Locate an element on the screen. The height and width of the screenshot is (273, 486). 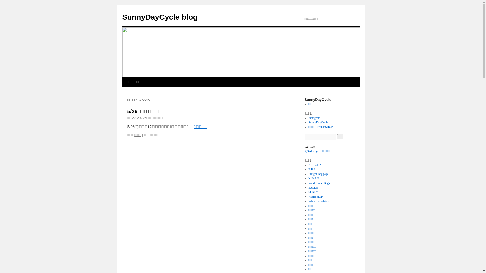
'Instagram' is located at coordinates (314, 118).